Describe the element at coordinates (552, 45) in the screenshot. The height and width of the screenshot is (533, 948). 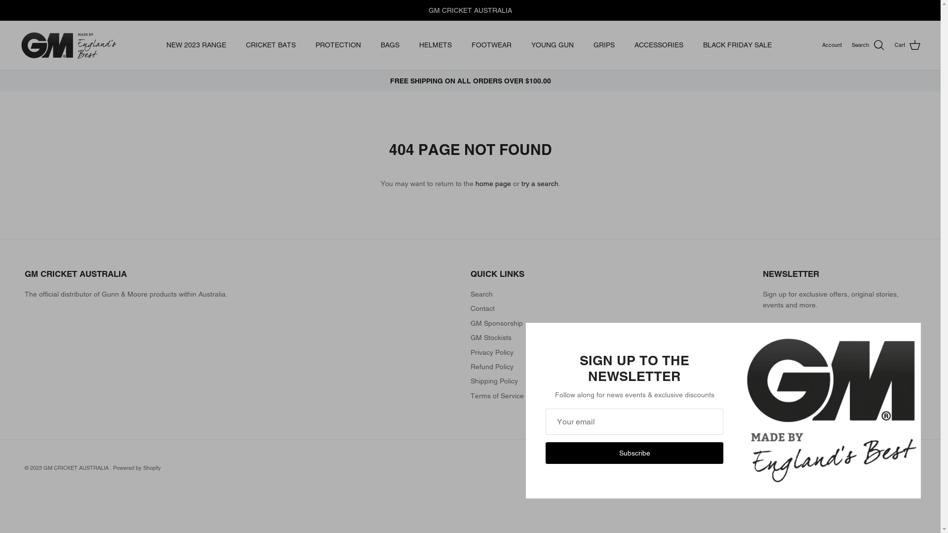
I see `'YOUNG GUN'` at that location.